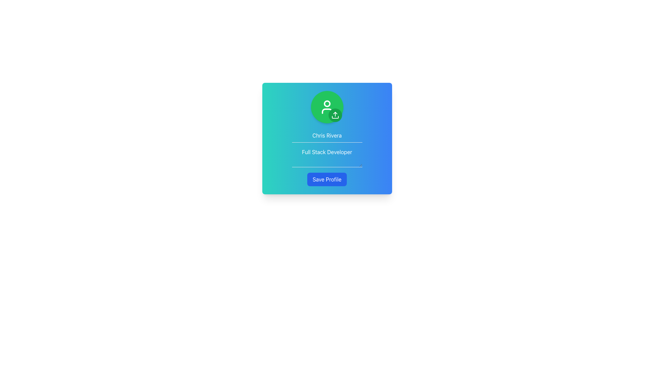  Describe the element at coordinates (327, 148) in the screenshot. I see `the Text Field that indicates the profession or title of the individual, located below the 'Chris Rivera' text input field and above the 'Save Profile' button` at that location.